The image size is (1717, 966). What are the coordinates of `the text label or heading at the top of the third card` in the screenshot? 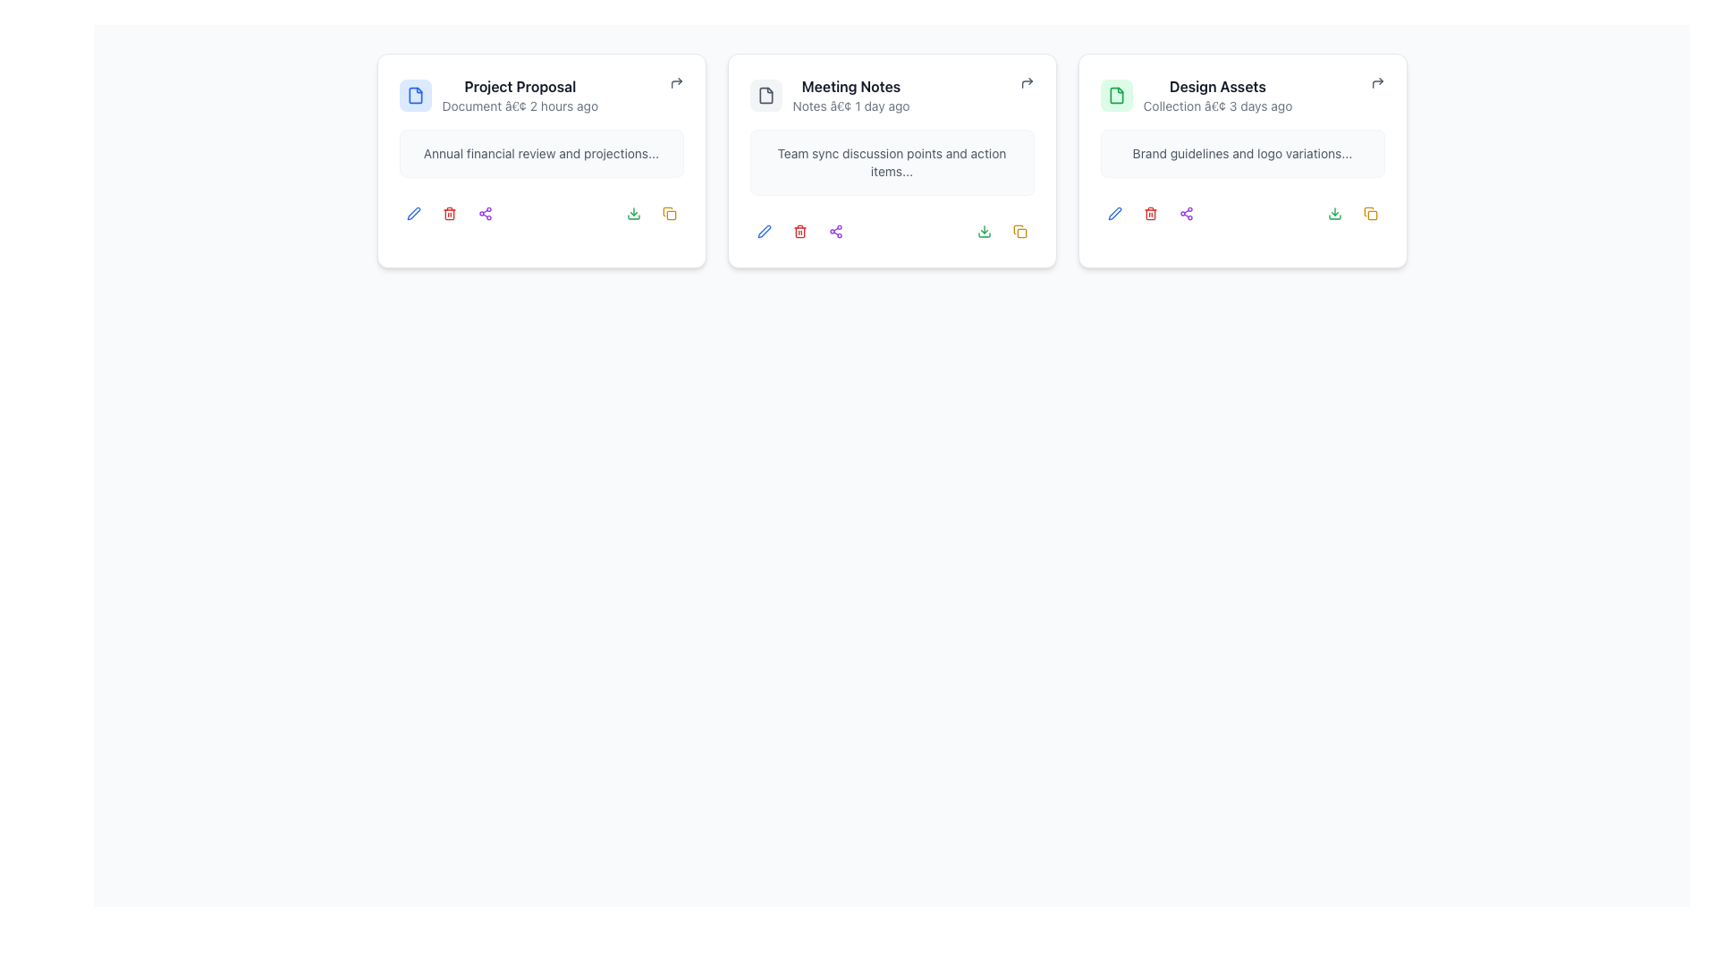 It's located at (1216, 86).